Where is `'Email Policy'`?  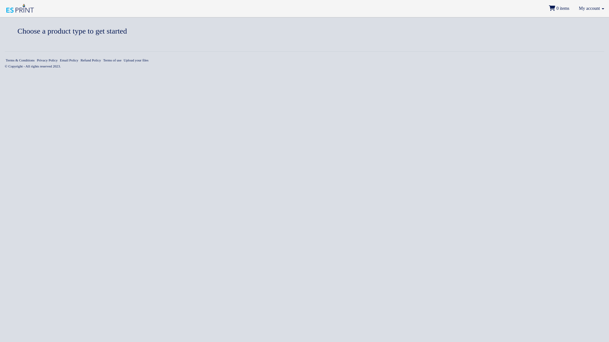
'Email Policy' is located at coordinates (69, 60).